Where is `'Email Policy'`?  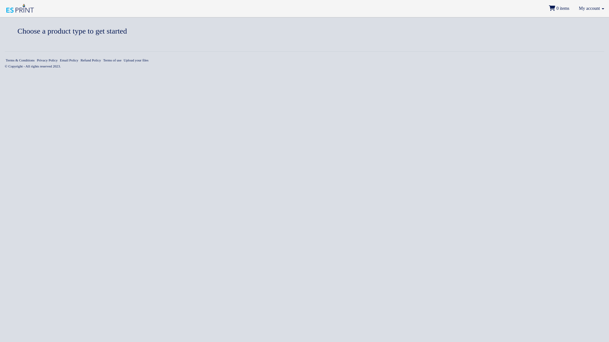
'Email Policy' is located at coordinates (69, 60).